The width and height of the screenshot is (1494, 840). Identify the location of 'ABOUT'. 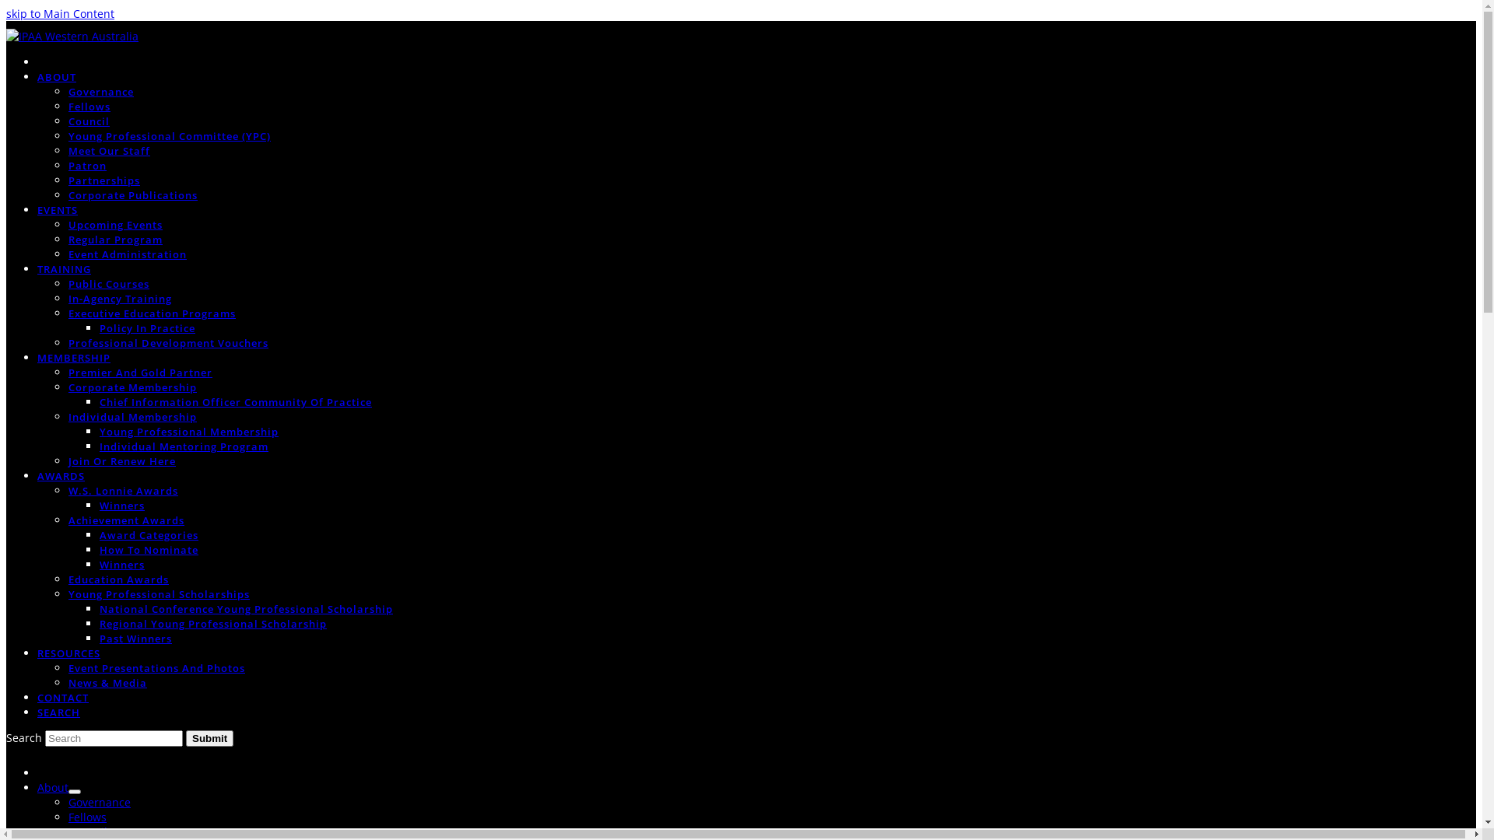
(56, 76).